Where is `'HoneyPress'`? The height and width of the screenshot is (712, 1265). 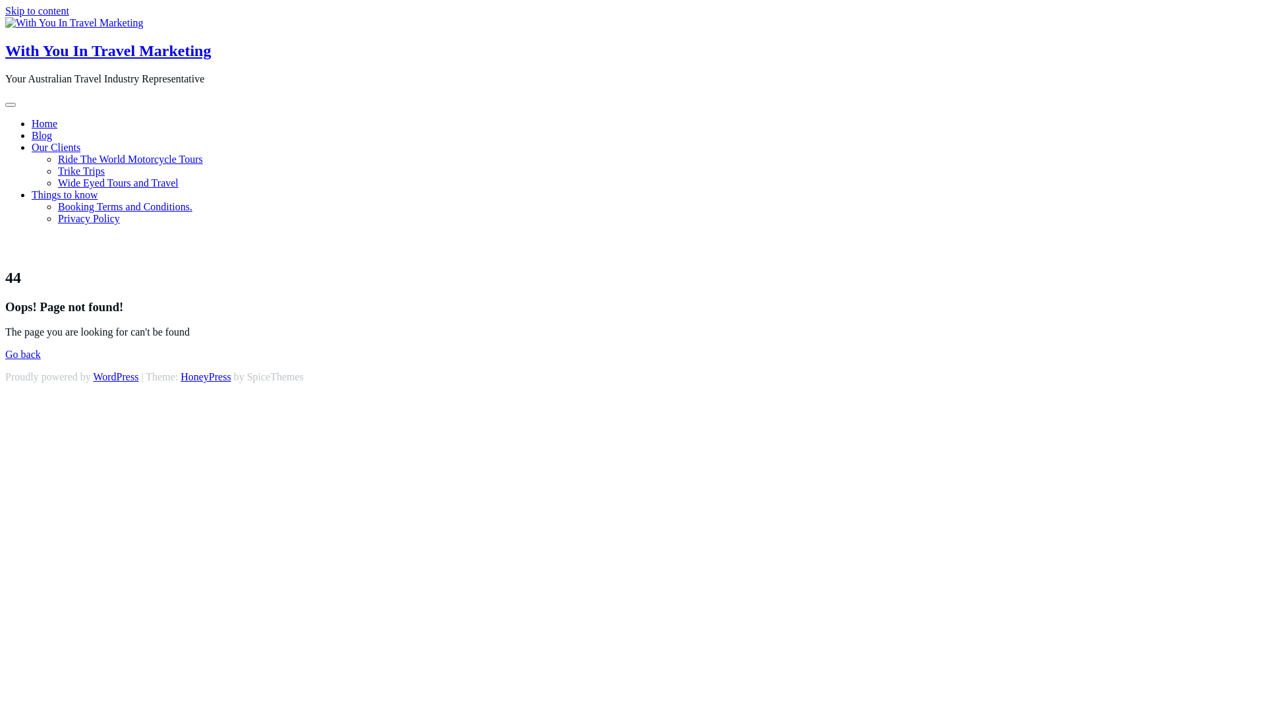
'HoneyPress' is located at coordinates (205, 376).